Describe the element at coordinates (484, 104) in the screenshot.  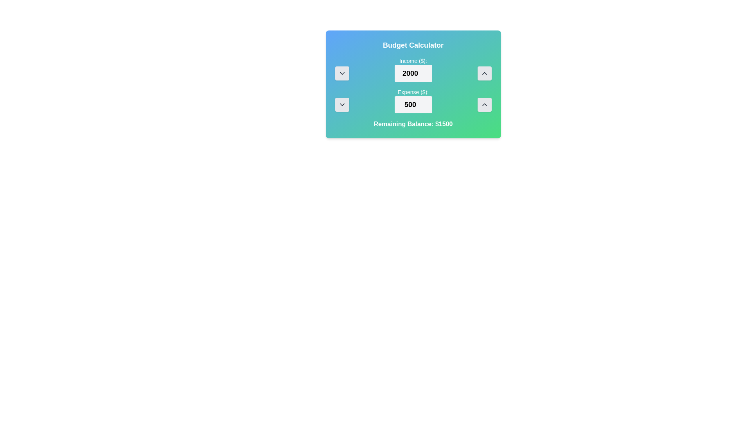
I see `the increment button located at the bottom right of the 'Expense ($)' input field in the 'Budget Calculator' interface` at that location.